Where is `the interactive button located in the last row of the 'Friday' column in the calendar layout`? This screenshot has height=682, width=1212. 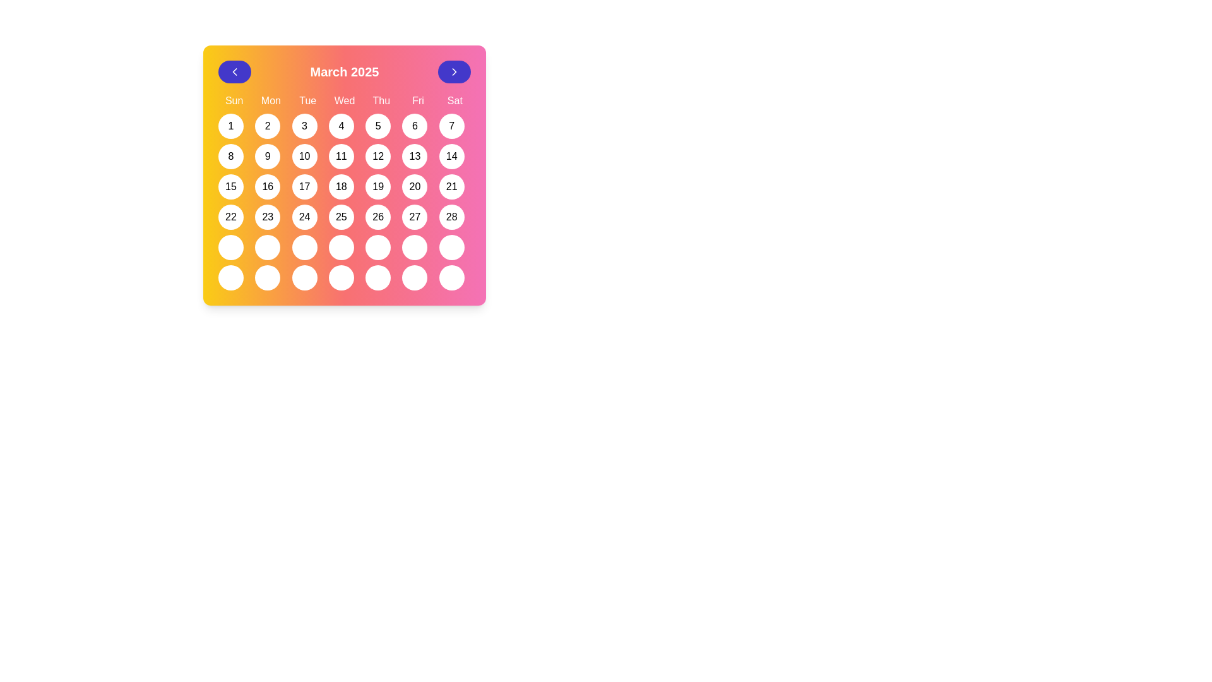
the interactive button located in the last row of the 'Friday' column in the calendar layout is located at coordinates (377, 277).